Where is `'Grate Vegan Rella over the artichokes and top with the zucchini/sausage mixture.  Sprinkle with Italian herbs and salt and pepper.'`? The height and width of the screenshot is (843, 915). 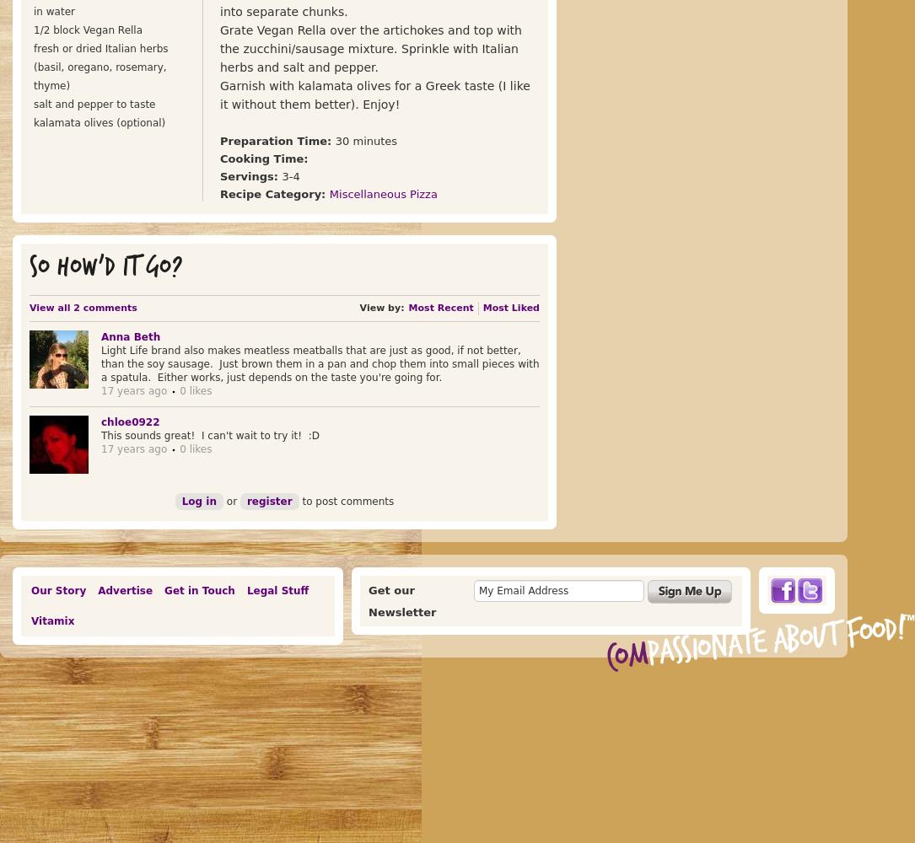
'Grate Vegan Rella over the artichokes and top with the zucchini/sausage mixture.  Sprinkle with Italian herbs and salt and pepper.' is located at coordinates (369, 49).